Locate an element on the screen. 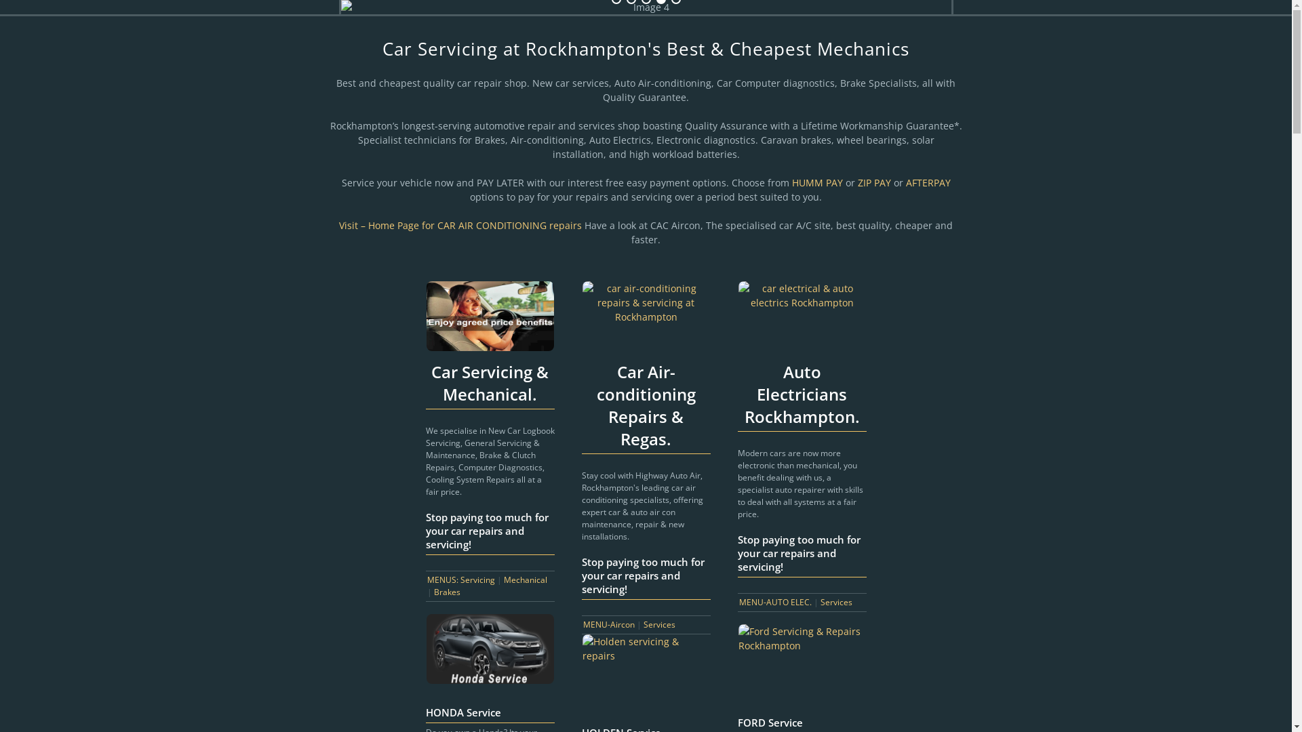 This screenshot has width=1302, height=732. 'HUMM PAY' is located at coordinates (815, 182).